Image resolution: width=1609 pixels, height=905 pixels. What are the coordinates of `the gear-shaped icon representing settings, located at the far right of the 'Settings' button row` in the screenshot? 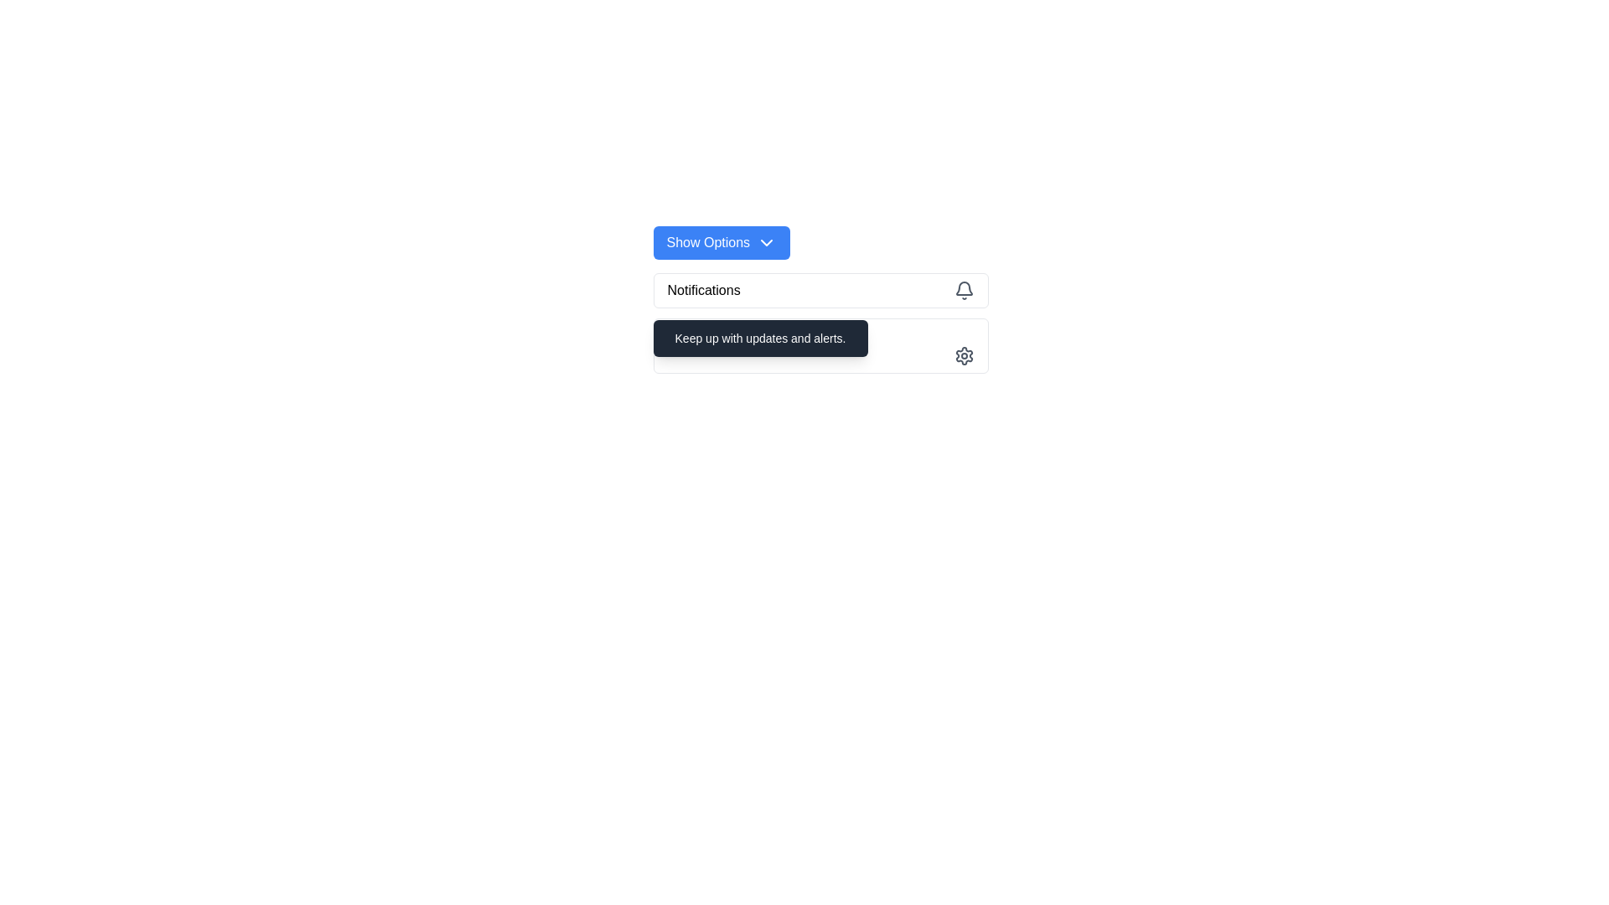 It's located at (964, 354).